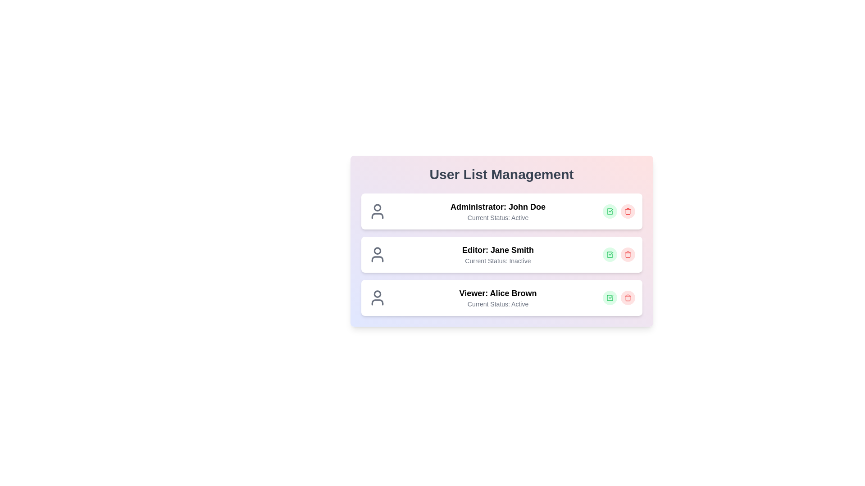  Describe the element at coordinates (627, 255) in the screenshot. I see `the delete button located in the second item row of the user list` at that location.